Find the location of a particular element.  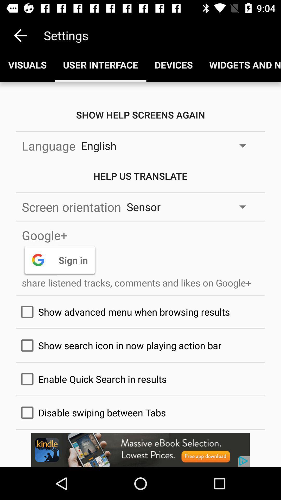

the devices text option is located at coordinates (174, 65).